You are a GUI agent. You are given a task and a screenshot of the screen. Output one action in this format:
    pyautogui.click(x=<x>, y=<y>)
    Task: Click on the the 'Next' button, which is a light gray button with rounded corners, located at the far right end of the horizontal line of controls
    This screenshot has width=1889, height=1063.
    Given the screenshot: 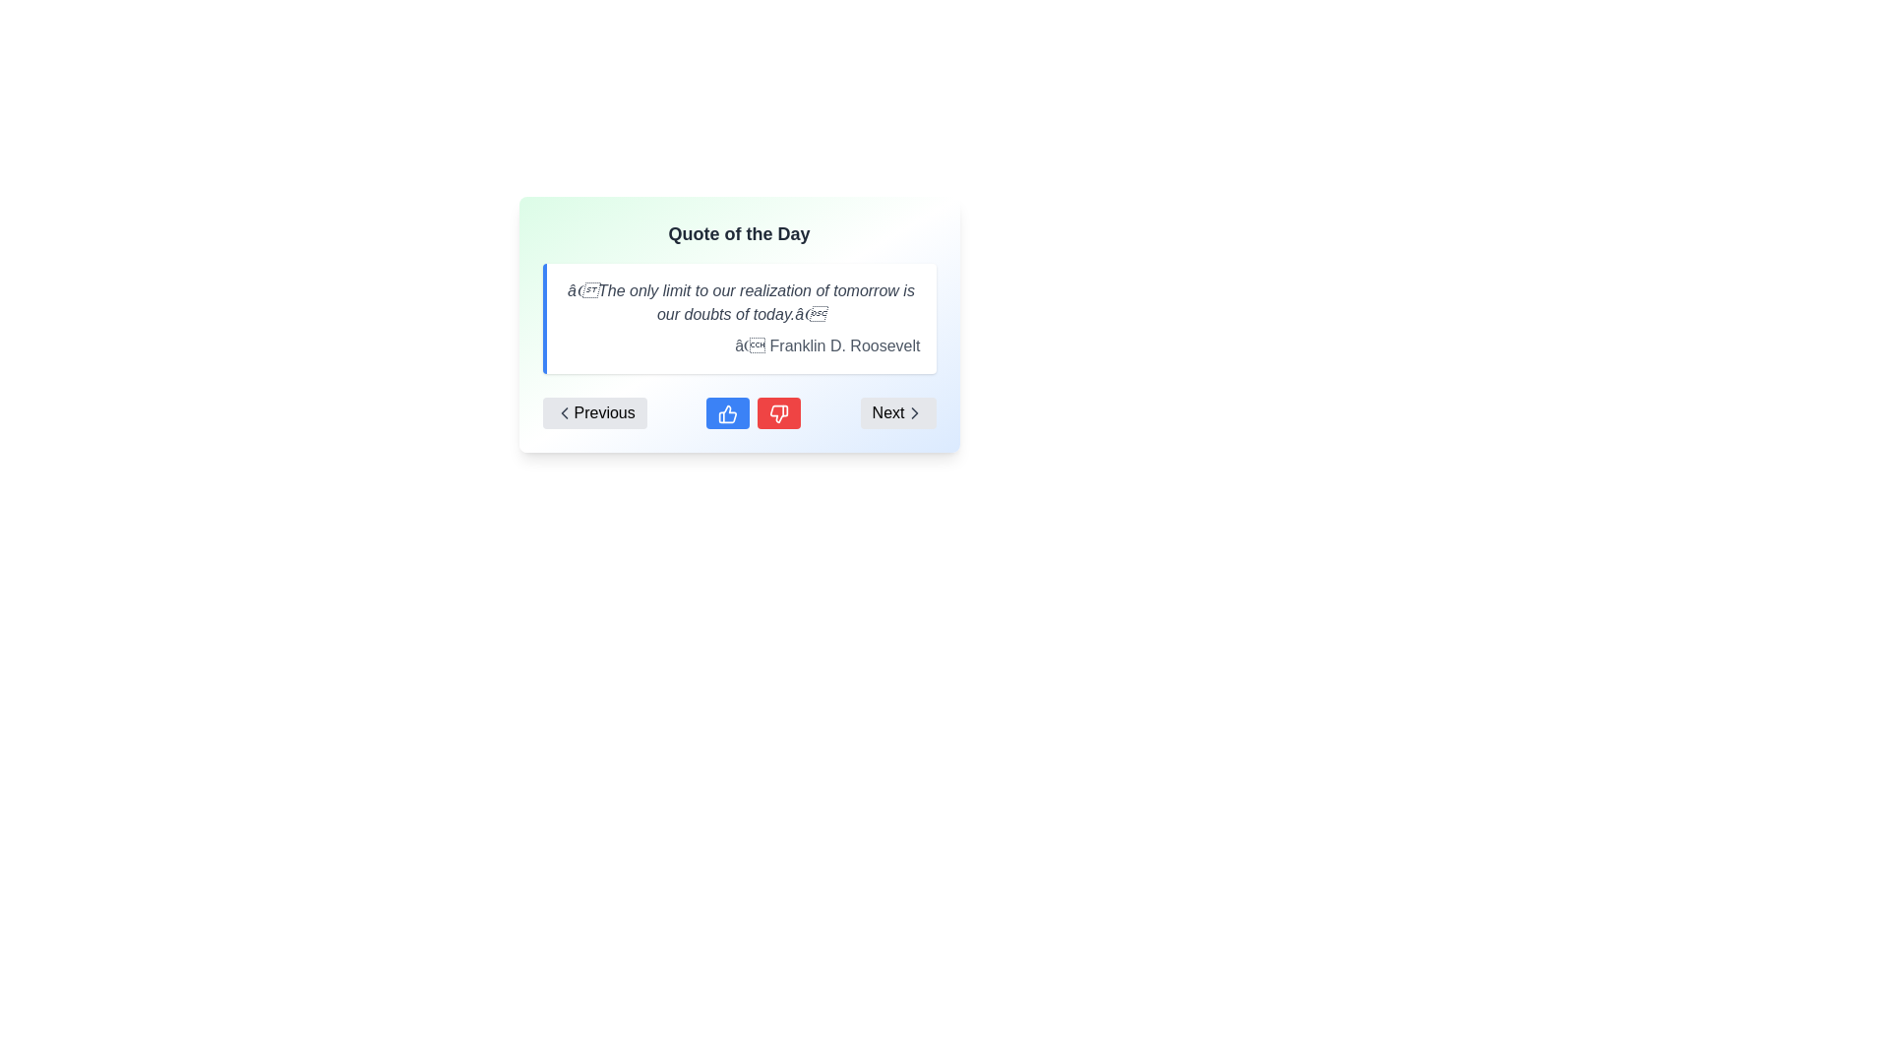 What is the action you would take?
    pyautogui.click(x=896, y=412)
    